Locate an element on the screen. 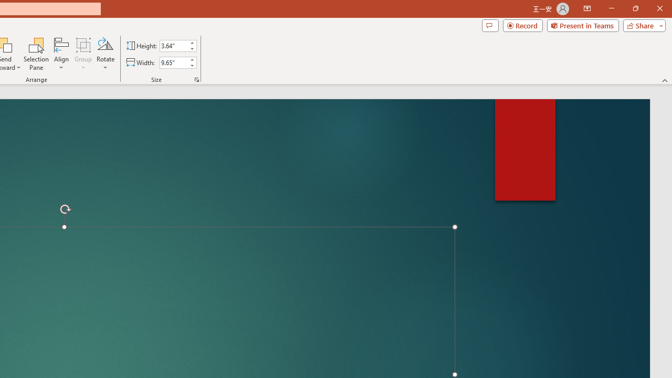 This screenshot has width=672, height=378. 'Rotate' is located at coordinates (105, 54).